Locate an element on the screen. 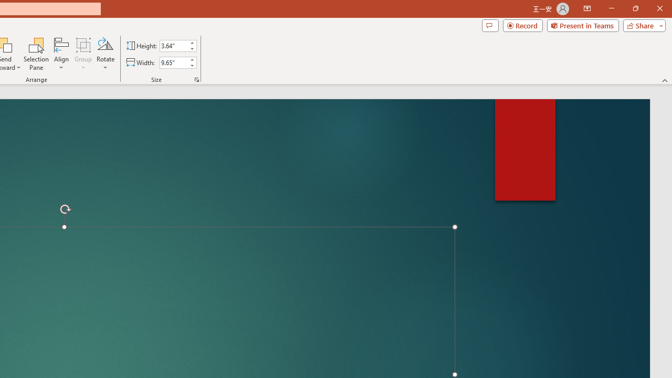 This screenshot has width=672, height=378. 'Rotate' is located at coordinates (105, 54).